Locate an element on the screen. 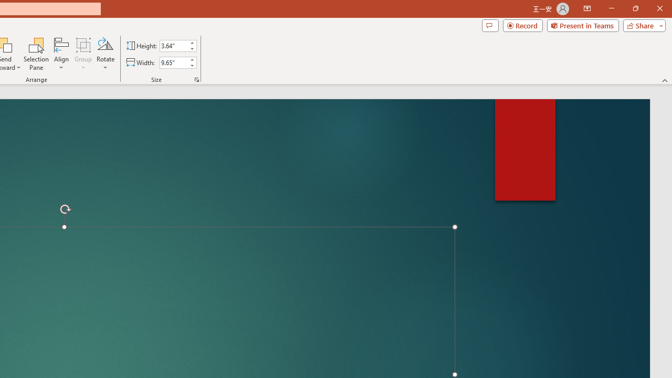 This screenshot has width=672, height=378. 'Rotate' is located at coordinates (105, 54).